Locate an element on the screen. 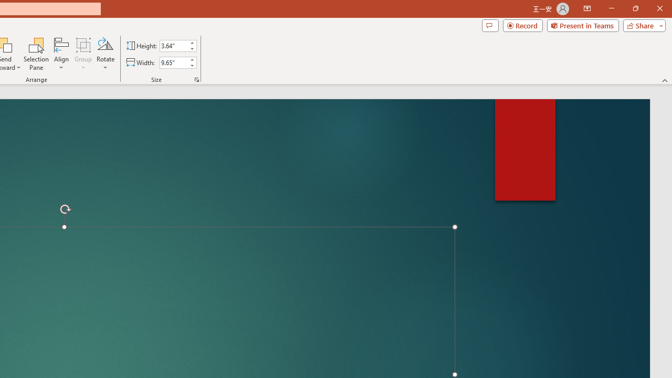 This screenshot has width=672, height=378. 'Rotate' is located at coordinates (105, 54).